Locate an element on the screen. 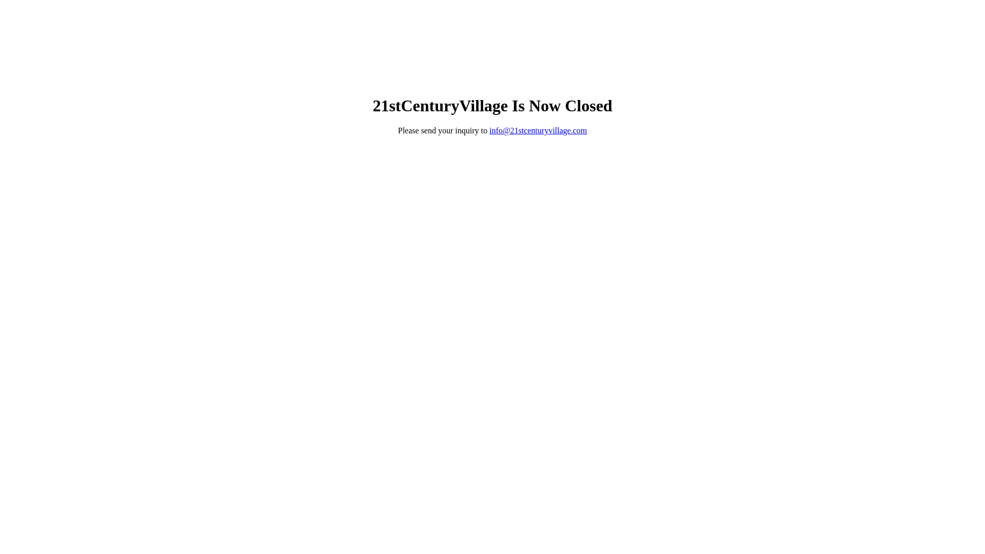  'info@21stcenturyvillage.com' is located at coordinates (489, 130).